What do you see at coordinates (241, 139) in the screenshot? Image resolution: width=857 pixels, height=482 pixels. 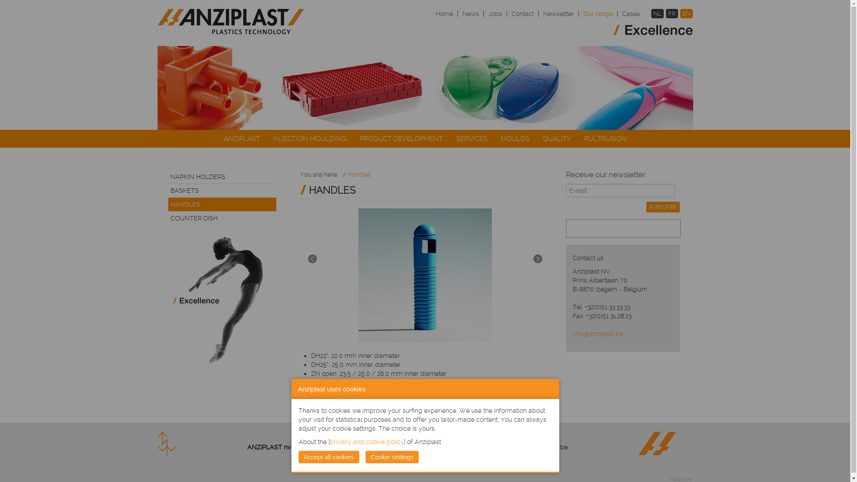 I see `'ANZIPLAST'` at bounding box center [241, 139].